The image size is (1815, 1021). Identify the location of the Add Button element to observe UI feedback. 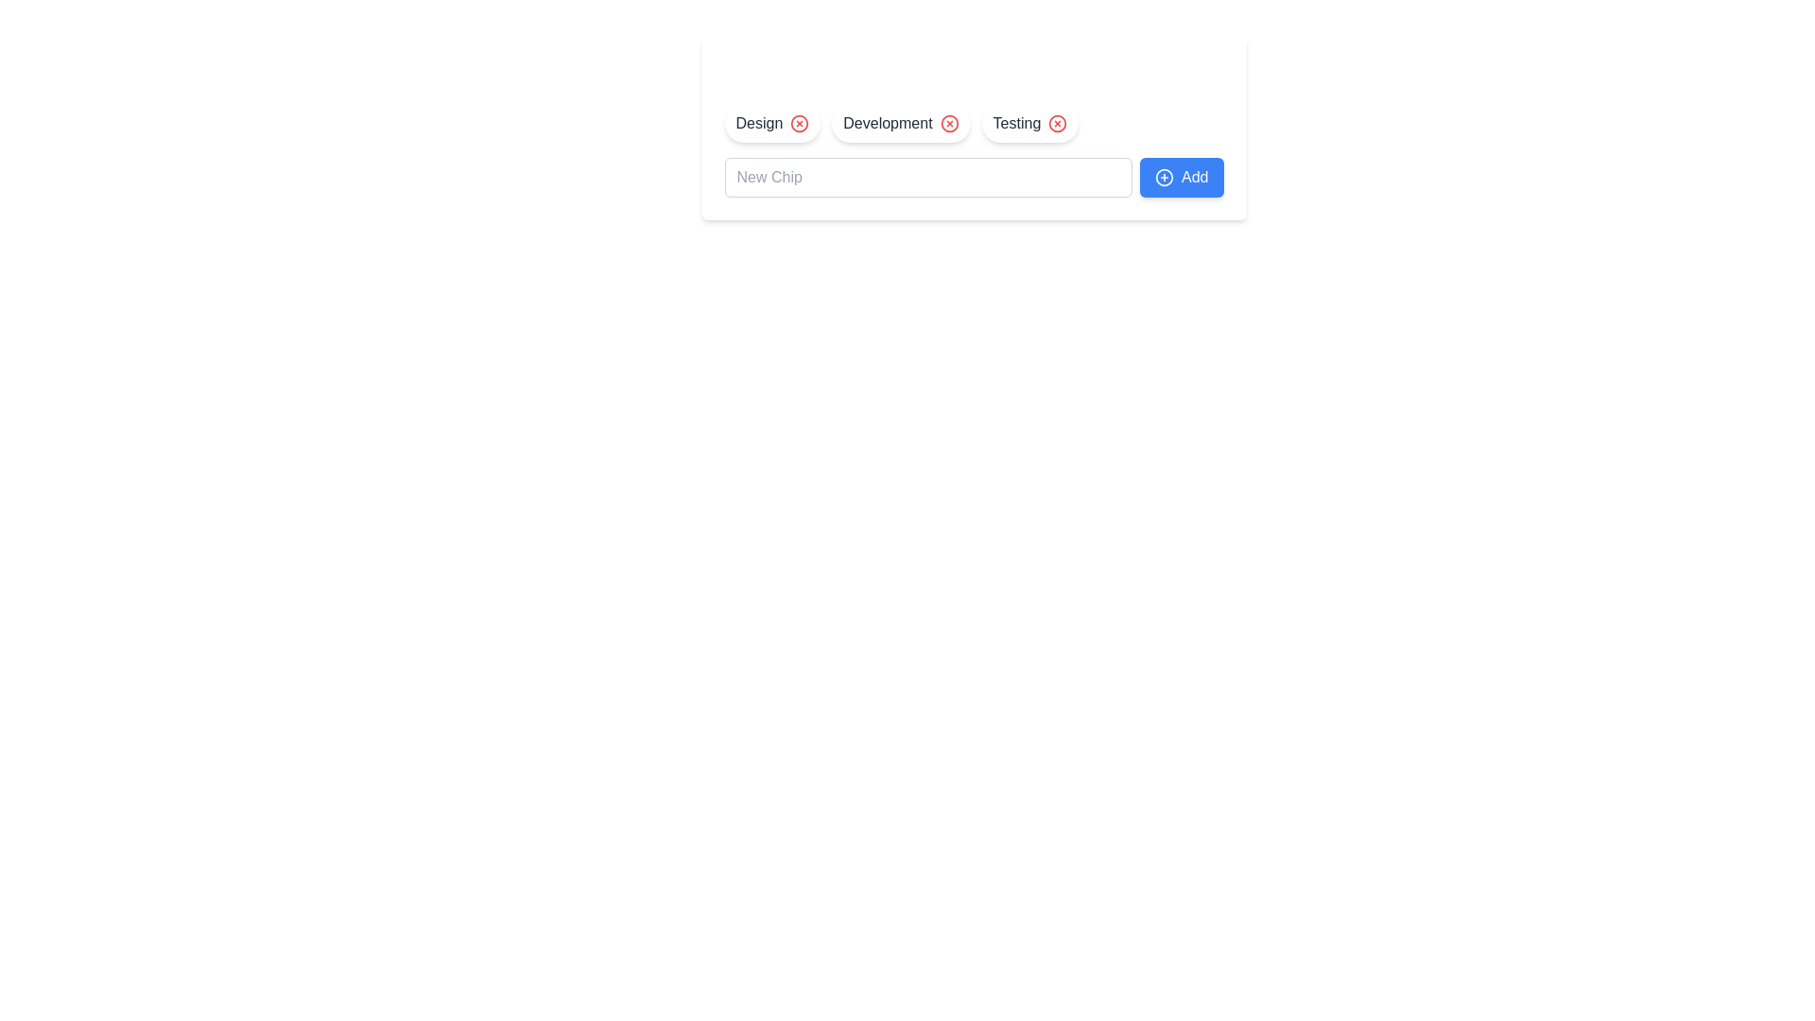
(1181, 178).